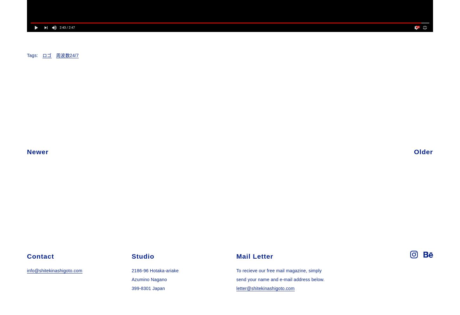 The image size is (460, 315). Describe the element at coordinates (155, 270) in the screenshot. I see `'2186-96 Hotaka-ariake'` at that location.